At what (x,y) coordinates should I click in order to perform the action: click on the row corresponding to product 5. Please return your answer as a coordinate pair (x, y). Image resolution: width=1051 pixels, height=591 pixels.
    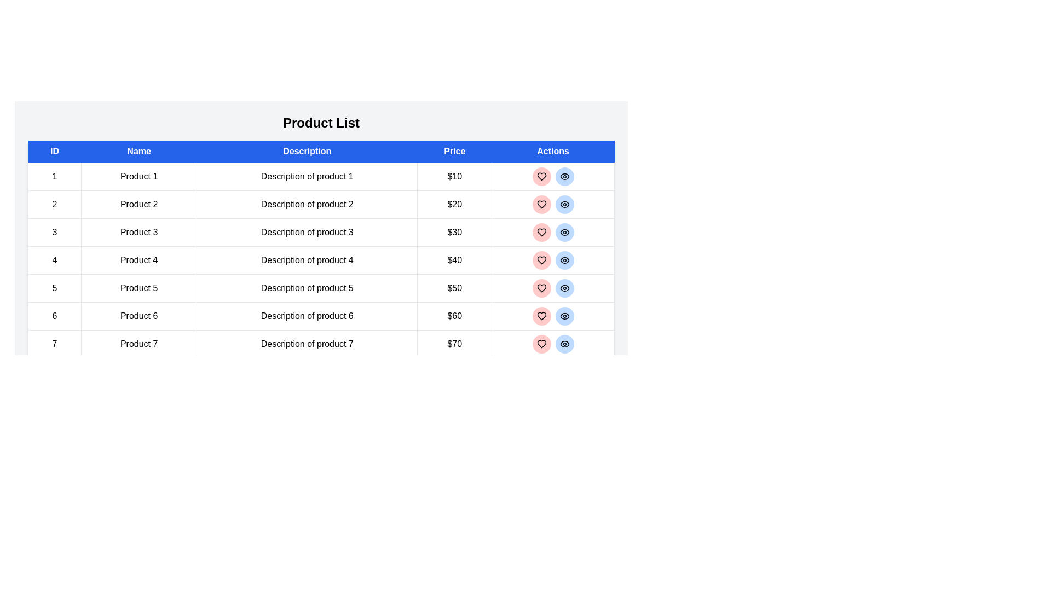
    Looking at the image, I should click on (320, 288).